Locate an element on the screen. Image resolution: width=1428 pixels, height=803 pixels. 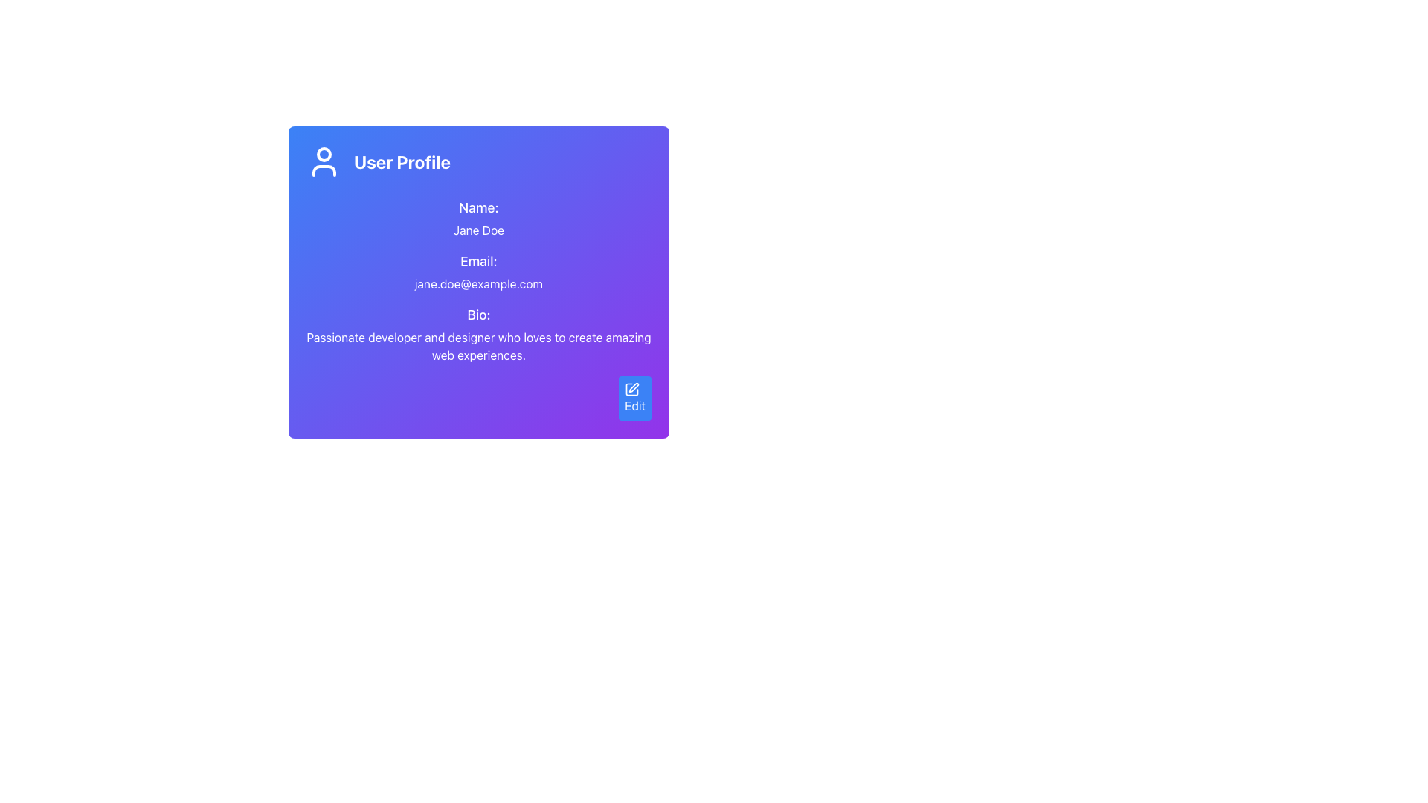
the user profile icon, which is an SVG representation of a user, located to the left of the 'User Profile' title is located at coordinates (324, 162).